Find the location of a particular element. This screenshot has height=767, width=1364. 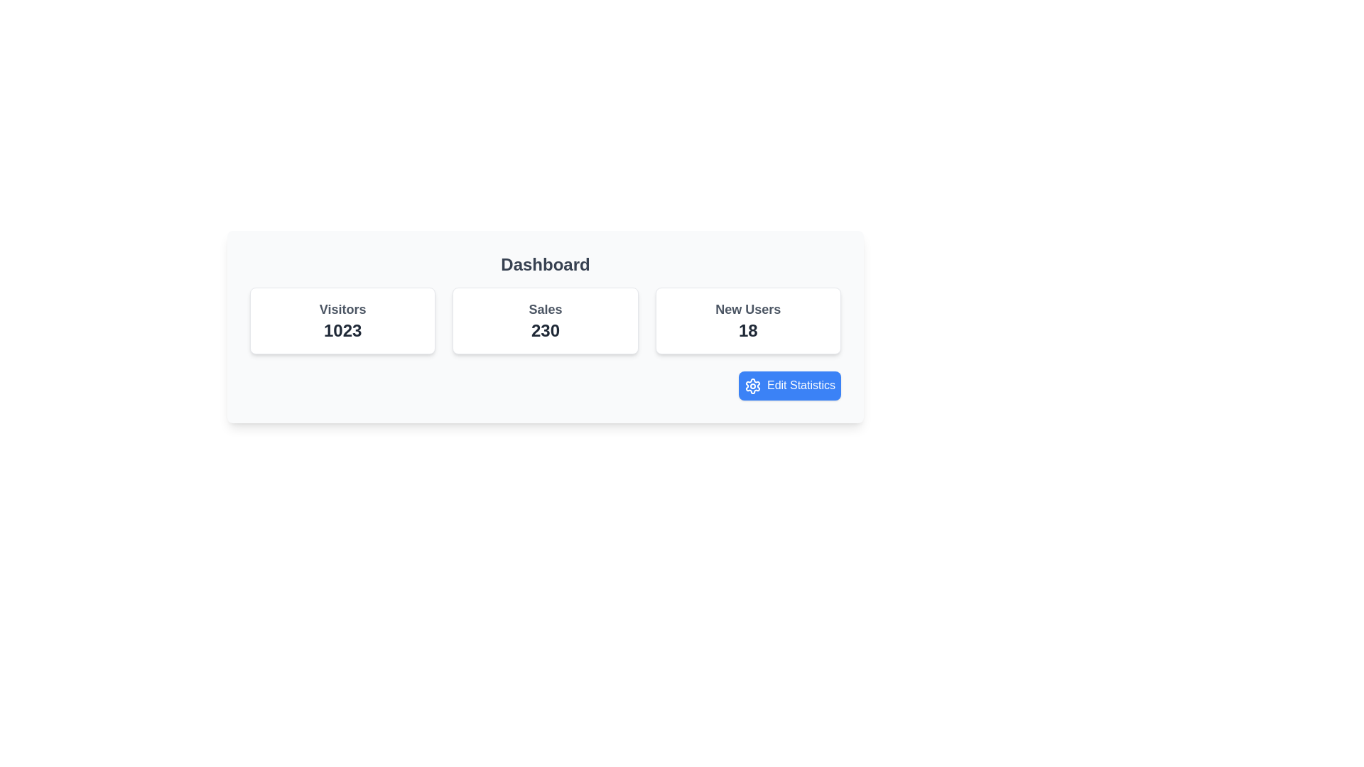

the Display Card that reads 'New Users' with the number '18', which is the third card in a row of three cards, positioned between the 'Sales' card and the 'Edit Statistics' button is located at coordinates (747, 320).